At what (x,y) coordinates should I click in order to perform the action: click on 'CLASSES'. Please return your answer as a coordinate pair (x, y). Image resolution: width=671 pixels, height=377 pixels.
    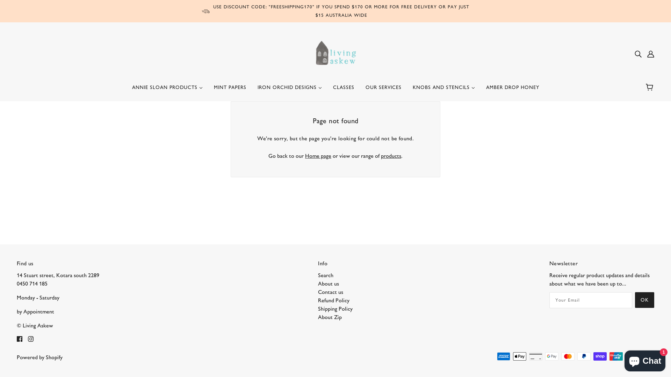
    Looking at the image, I should click on (343, 90).